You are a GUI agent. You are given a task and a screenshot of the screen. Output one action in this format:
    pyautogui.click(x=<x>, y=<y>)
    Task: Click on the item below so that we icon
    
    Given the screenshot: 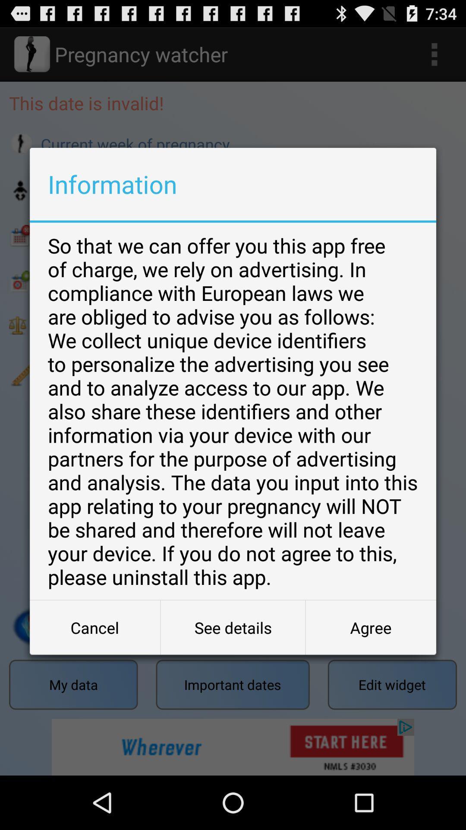 What is the action you would take?
    pyautogui.click(x=95, y=627)
    